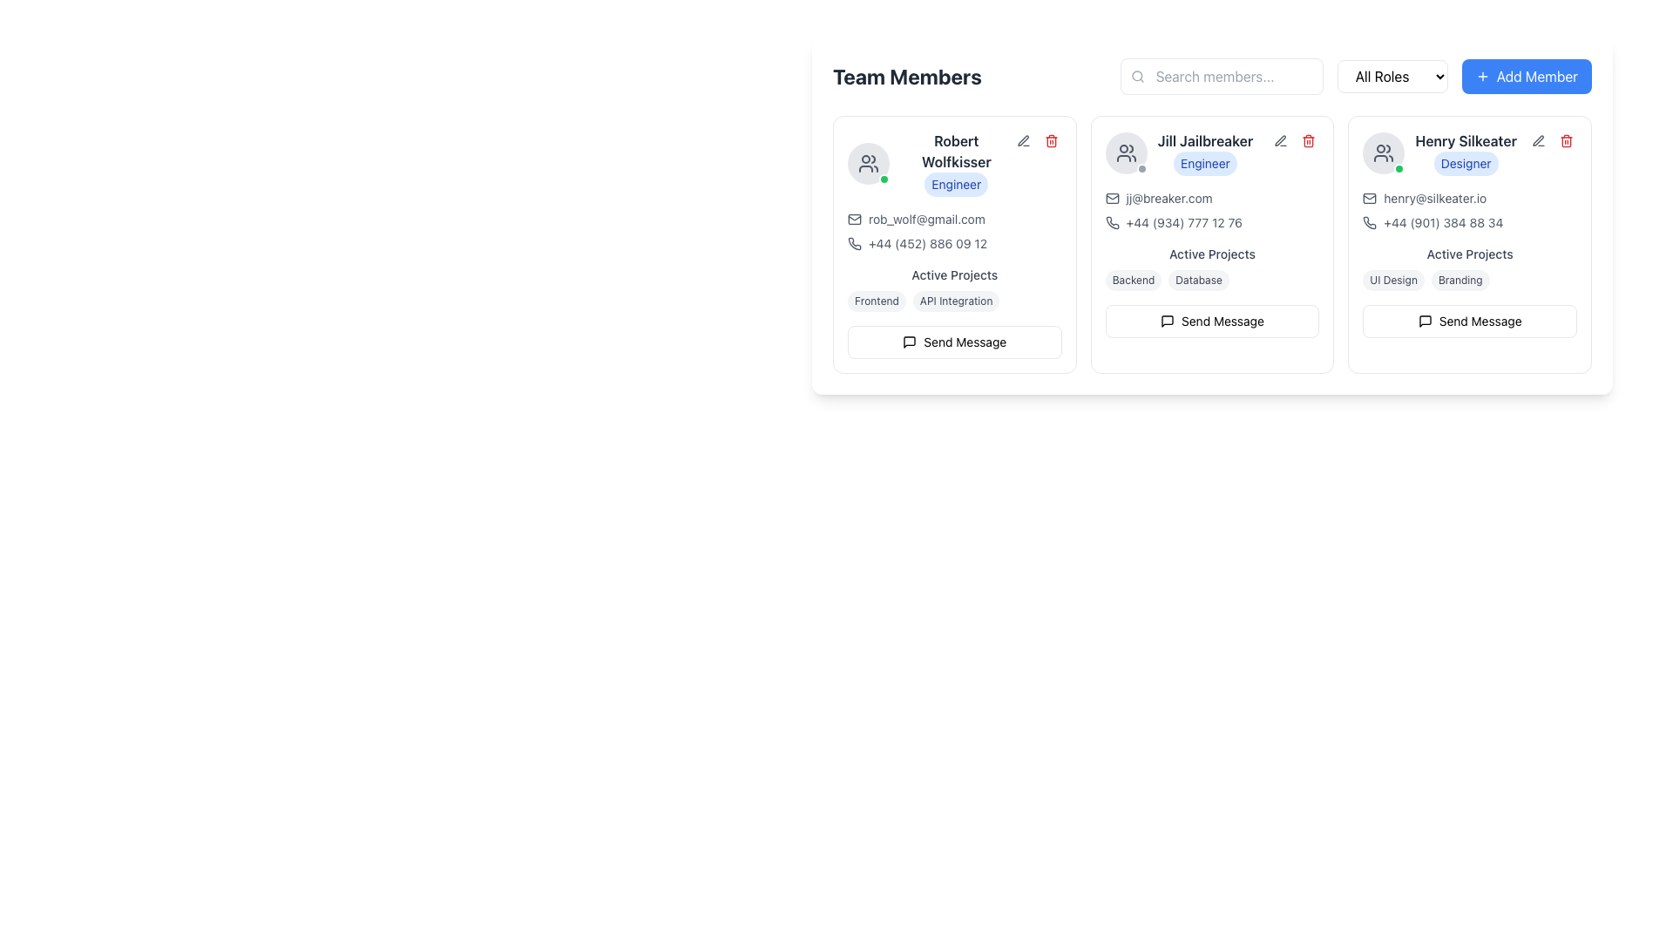  What do you see at coordinates (953, 164) in the screenshot?
I see `text 'Robert Wolfkisser' displayed in bold at the top of the contact card for the team member, which is located near the top-left section of the profile card` at bounding box center [953, 164].